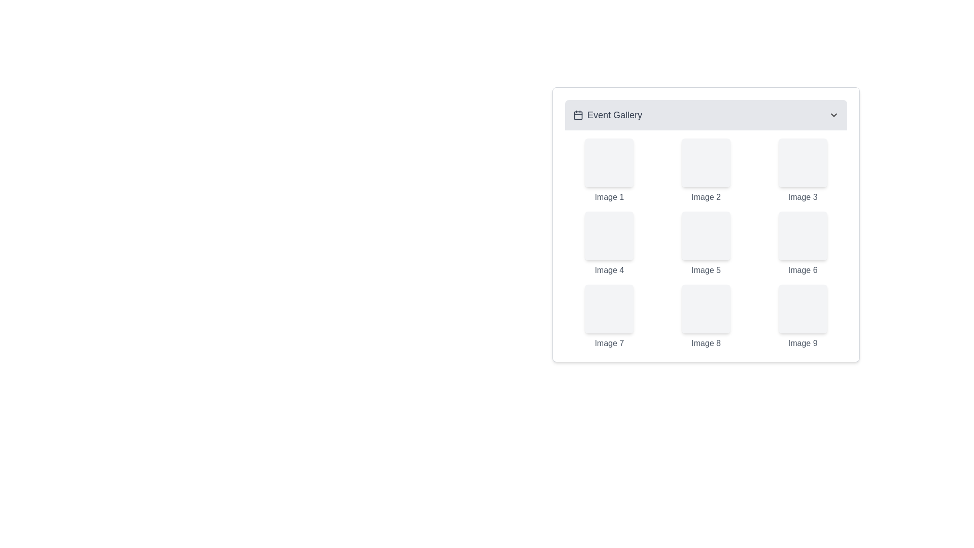 The width and height of the screenshot is (974, 548). What do you see at coordinates (609, 197) in the screenshot?
I see `the text of the static label located under the 'Event Gallery' header, in the top-left grid cell, for copying` at bounding box center [609, 197].